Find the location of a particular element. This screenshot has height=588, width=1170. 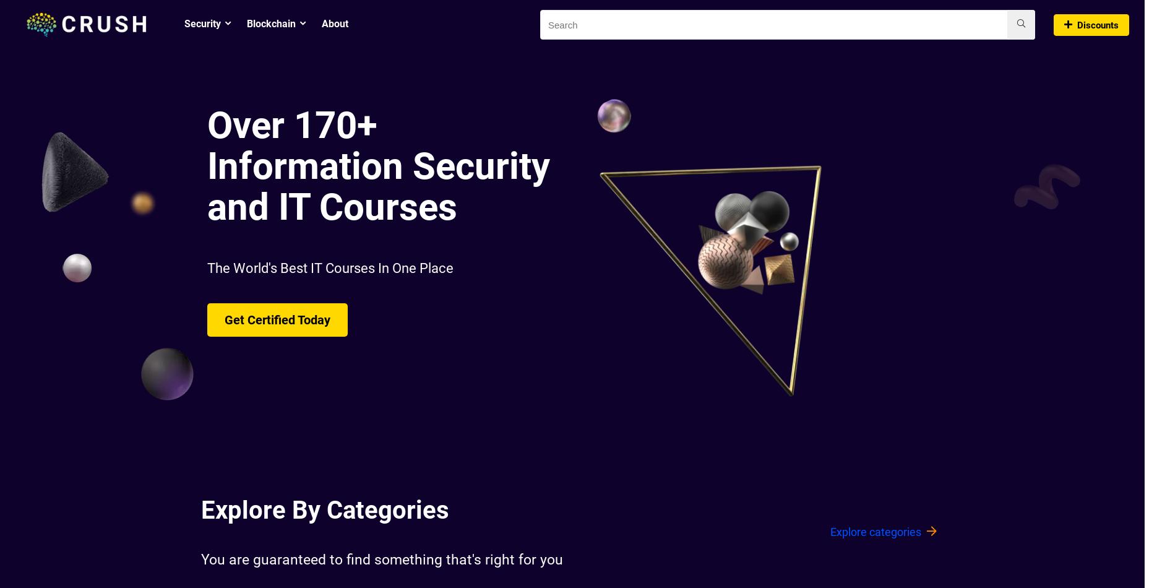

'About' is located at coordinates (334, 24).